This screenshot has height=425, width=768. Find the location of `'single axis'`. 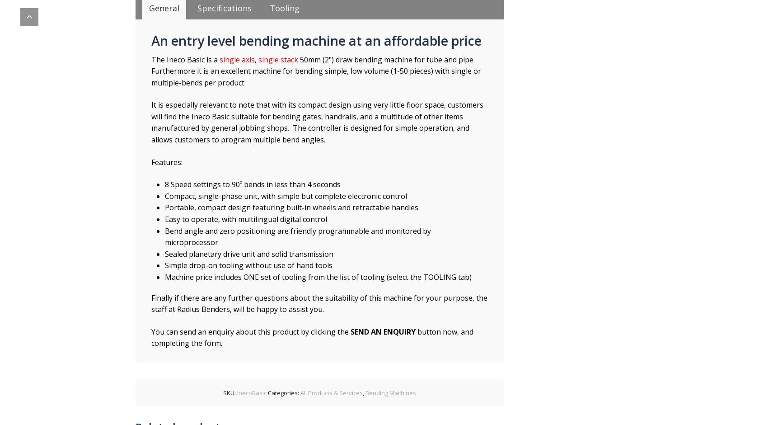

'single axis' is located at coordinates (237, 59).